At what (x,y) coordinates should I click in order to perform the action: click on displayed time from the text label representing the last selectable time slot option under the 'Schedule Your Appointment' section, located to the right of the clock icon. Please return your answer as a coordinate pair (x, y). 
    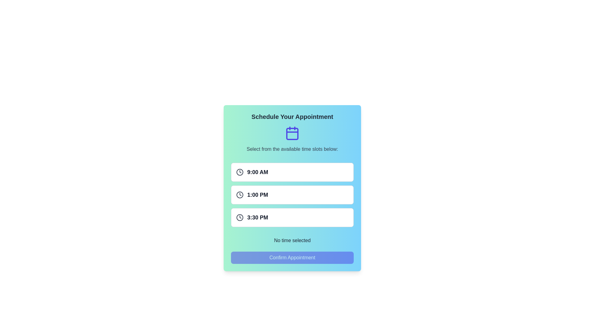
    Looking at the image, I should click on (258, 217).